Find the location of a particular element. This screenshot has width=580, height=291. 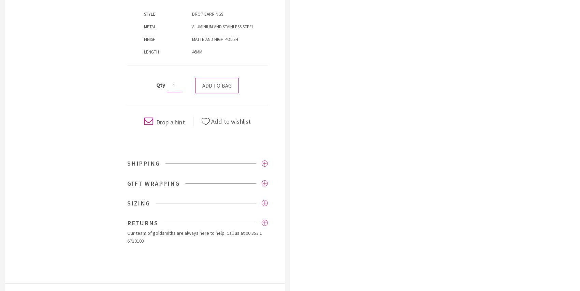

'MATTE AND HIGH POLISH' is located at coordinates (192, 39).